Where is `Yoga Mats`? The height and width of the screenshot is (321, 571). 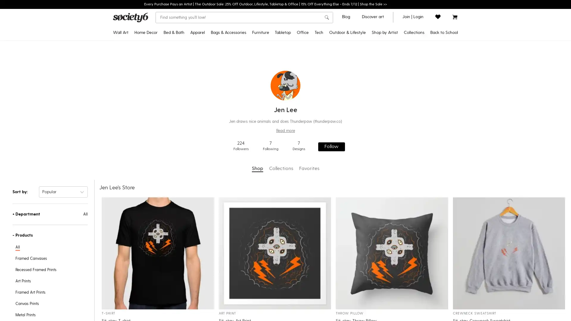
Yoga Mats is located at coordinates (356, 57).